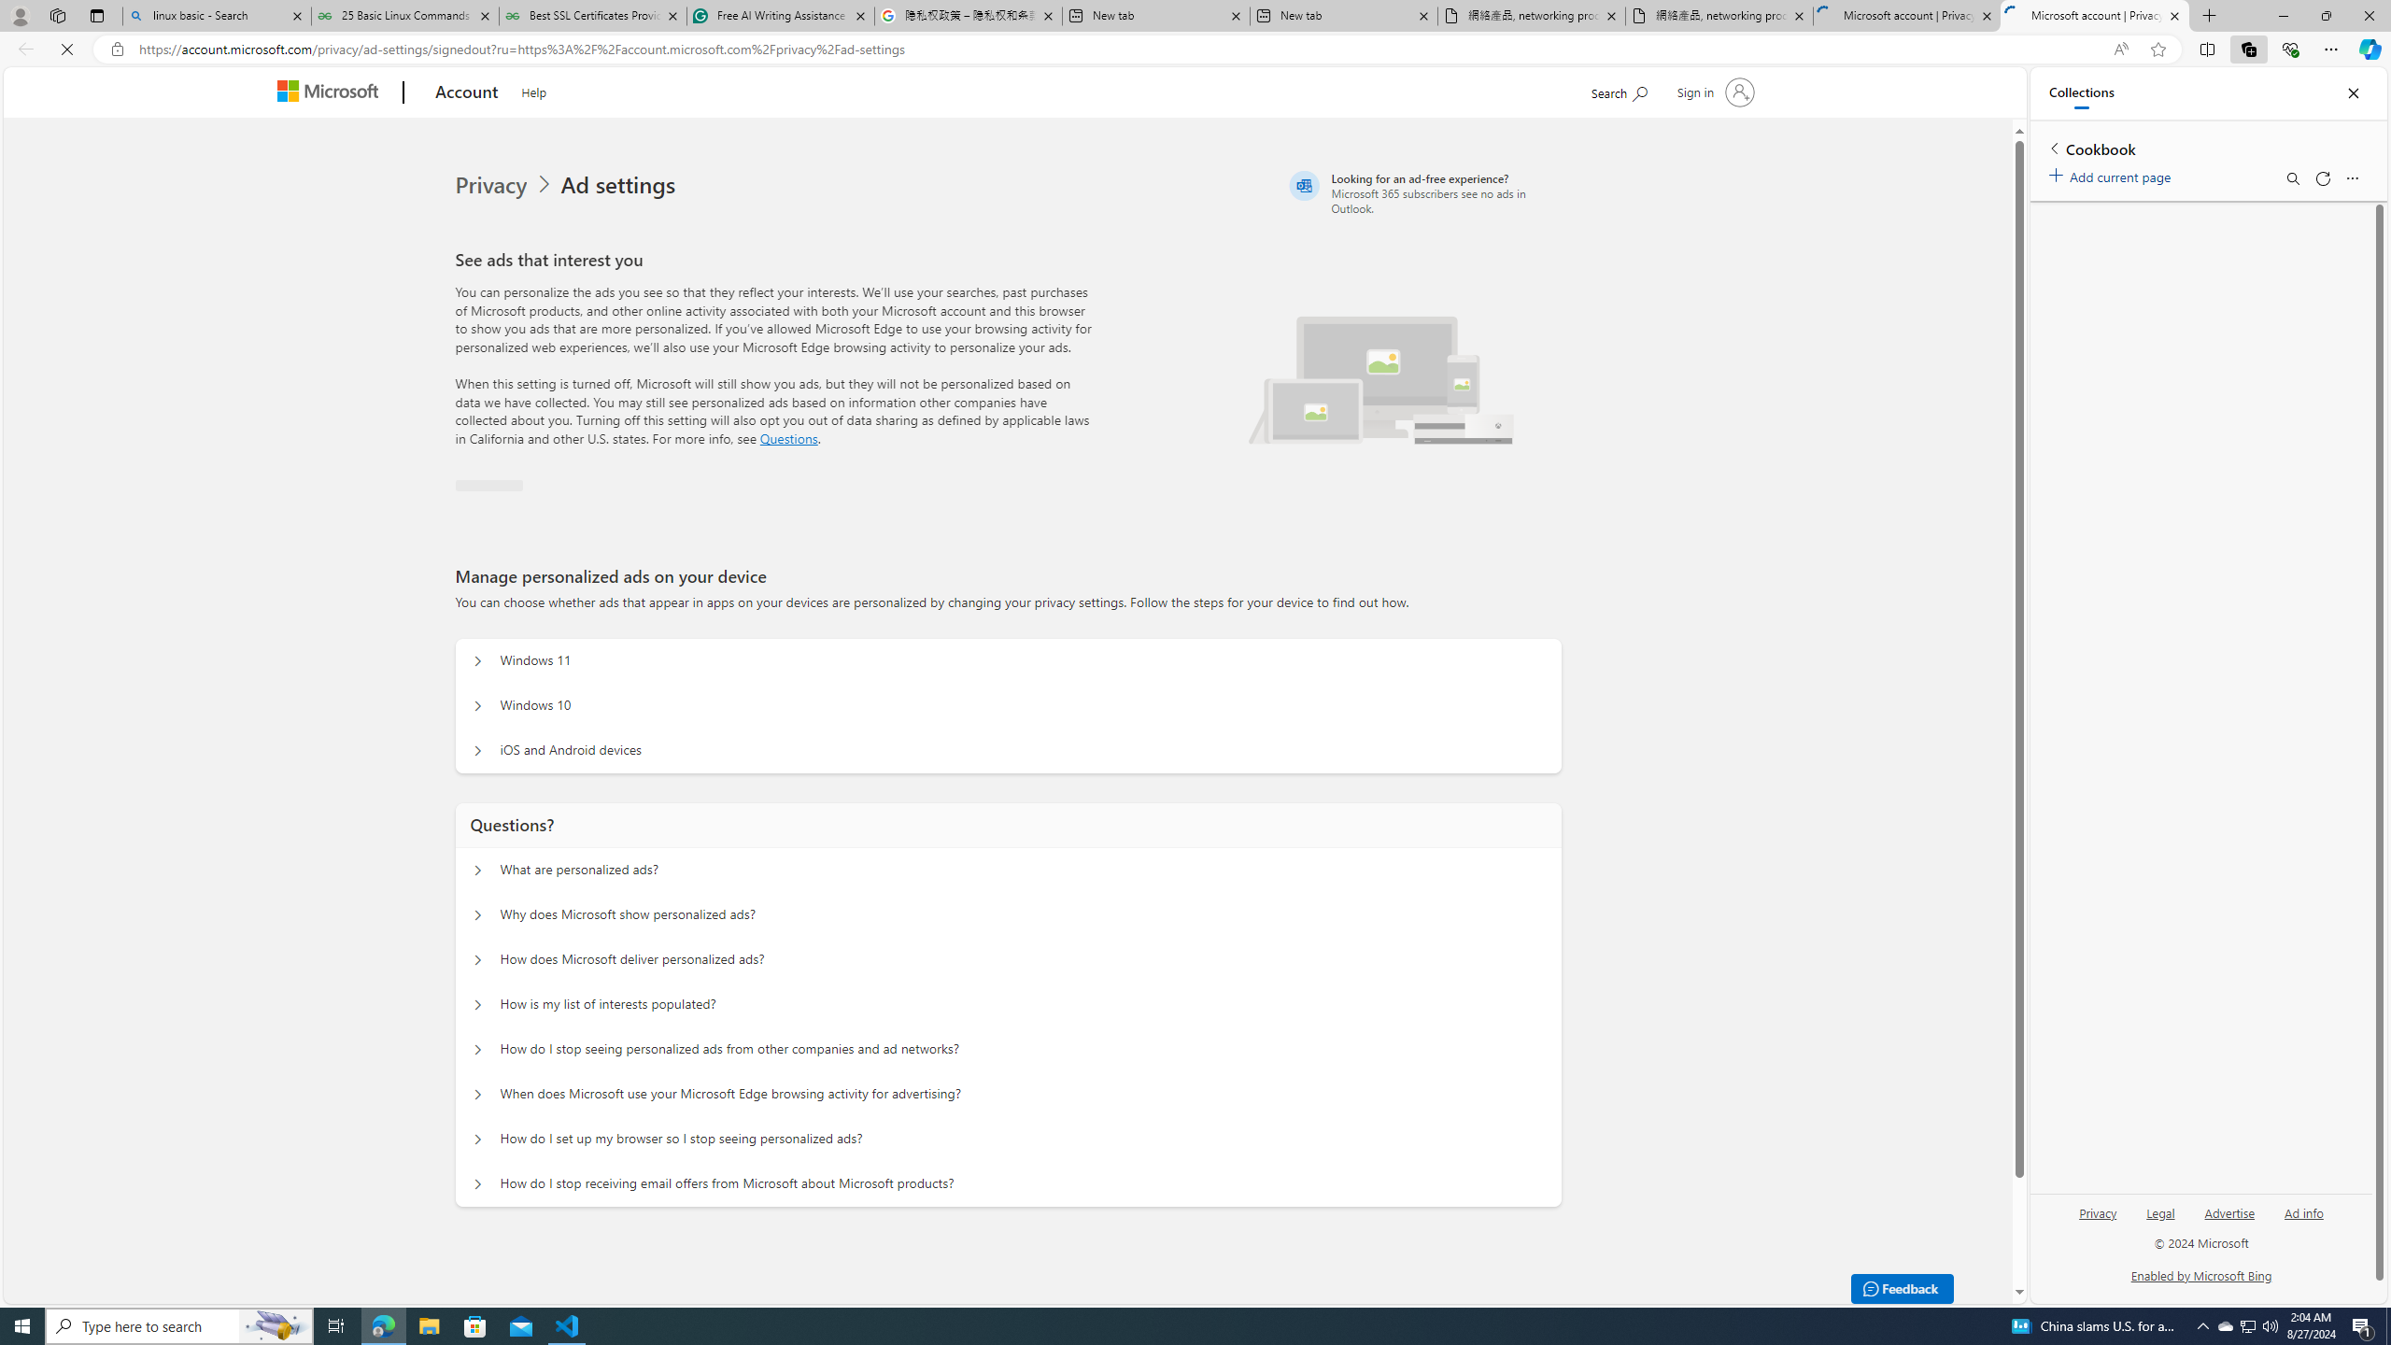  What do you see at coordinates (403, 15) in the screenshot?
I see `'25 Basic Linux Commands For Beginners - GeeksforGeeks'` at bounding box center [403, 15].